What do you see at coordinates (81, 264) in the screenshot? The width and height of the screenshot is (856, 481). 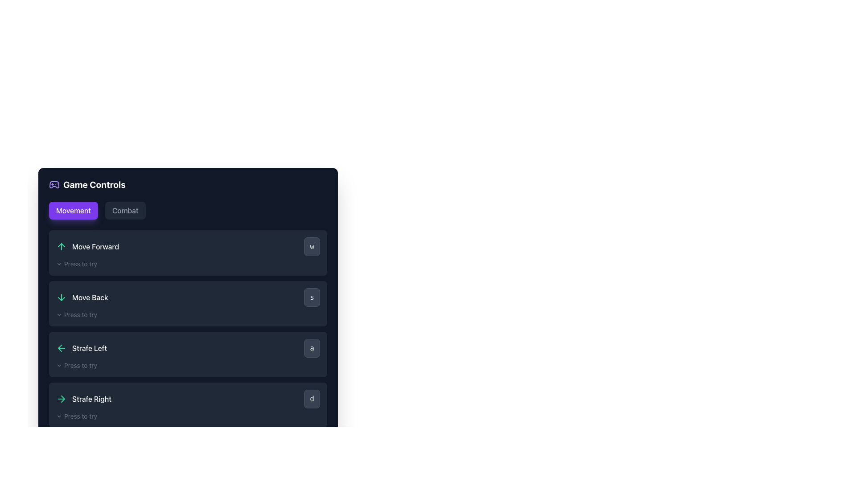 I see `the text label that displays 'Press to try' within the 'Move Forward' section under the 'Movement' category` at bounding box center [81, 264].